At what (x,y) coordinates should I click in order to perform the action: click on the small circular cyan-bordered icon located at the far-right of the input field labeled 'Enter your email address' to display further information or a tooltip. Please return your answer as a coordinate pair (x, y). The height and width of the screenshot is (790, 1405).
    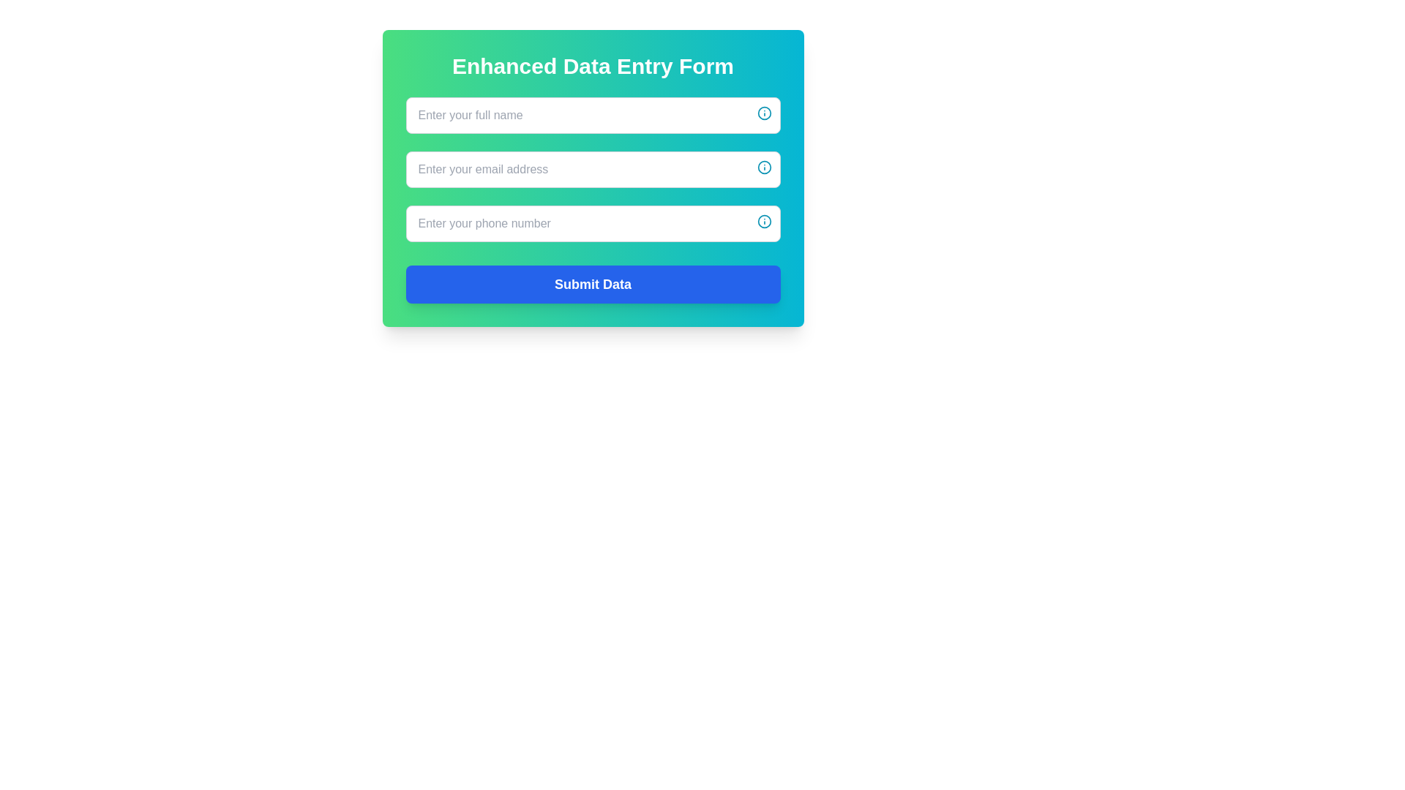
    Looking at the image, I should click on (763, 166).